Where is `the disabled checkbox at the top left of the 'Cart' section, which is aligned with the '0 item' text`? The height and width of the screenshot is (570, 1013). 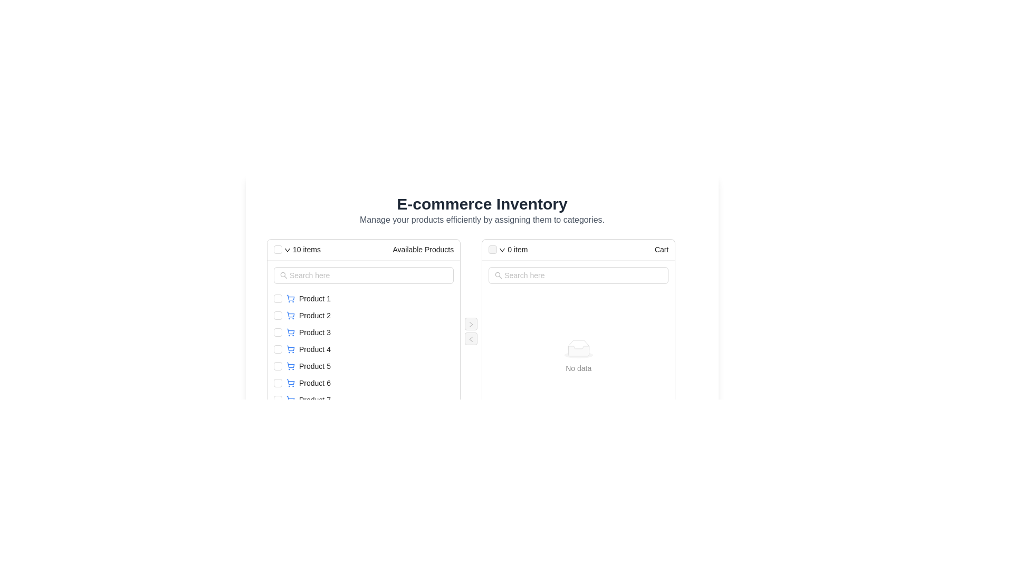 the disabled checkbox at the top left of the 'Cart' section, which is aligned with the '0 item' text is located at coordinates (492, 250).